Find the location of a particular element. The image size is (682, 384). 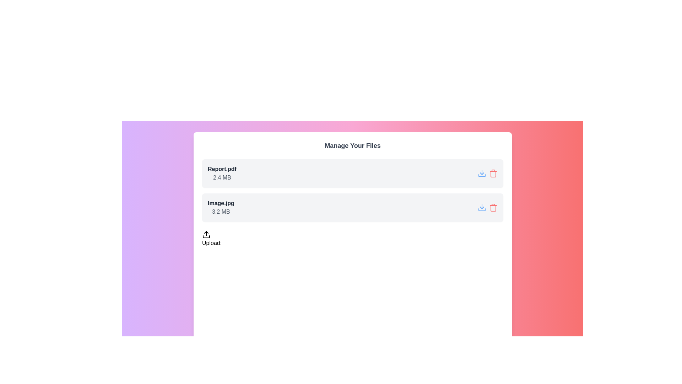

the delete icon in the Button Group for 'Report.pdf 2.4 MB' is located at coordinates (487, 174).